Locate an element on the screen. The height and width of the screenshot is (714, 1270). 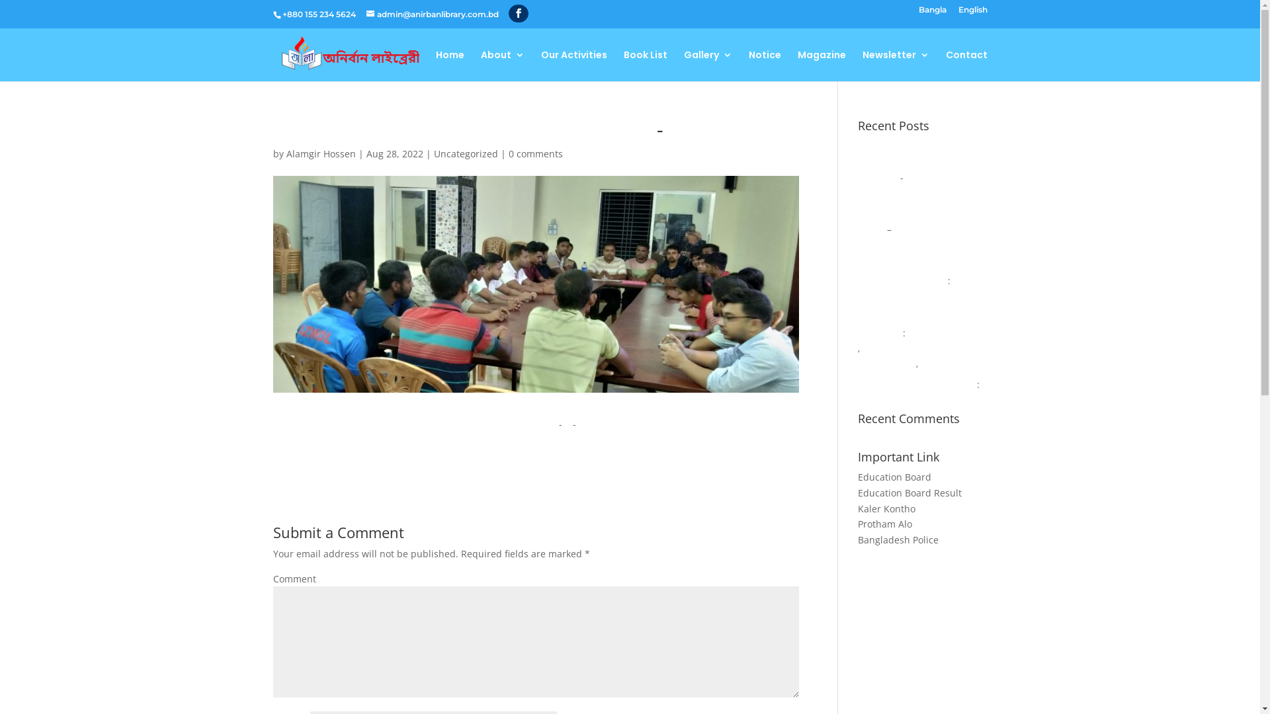
'Gallery' is located at coordinates (707, 65).